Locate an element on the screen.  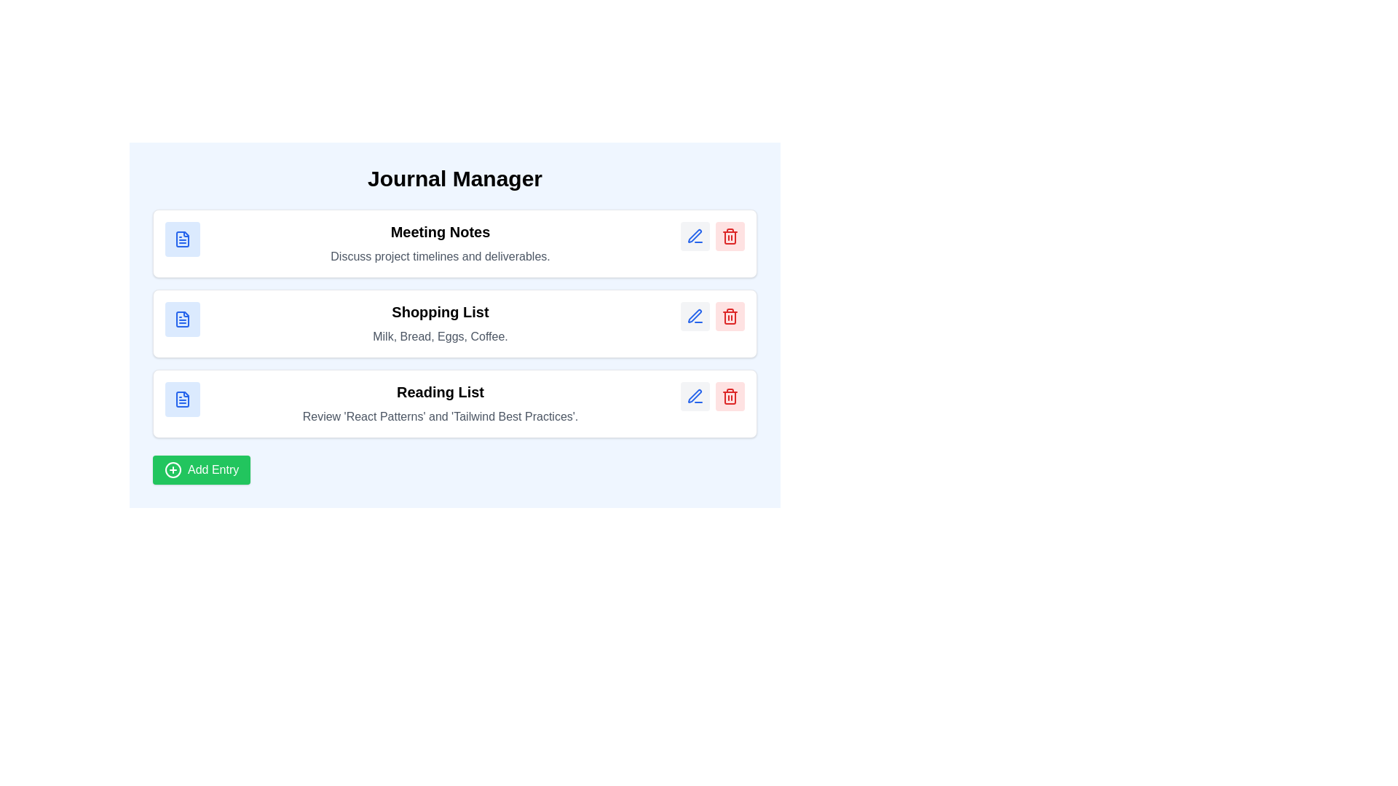
the blue pen-shaped icon button located to the right of the 'Meeting Notes' text in the first list item under the 'Journal Manager' section to initiate edit actions is located at coordinates (695, 235).